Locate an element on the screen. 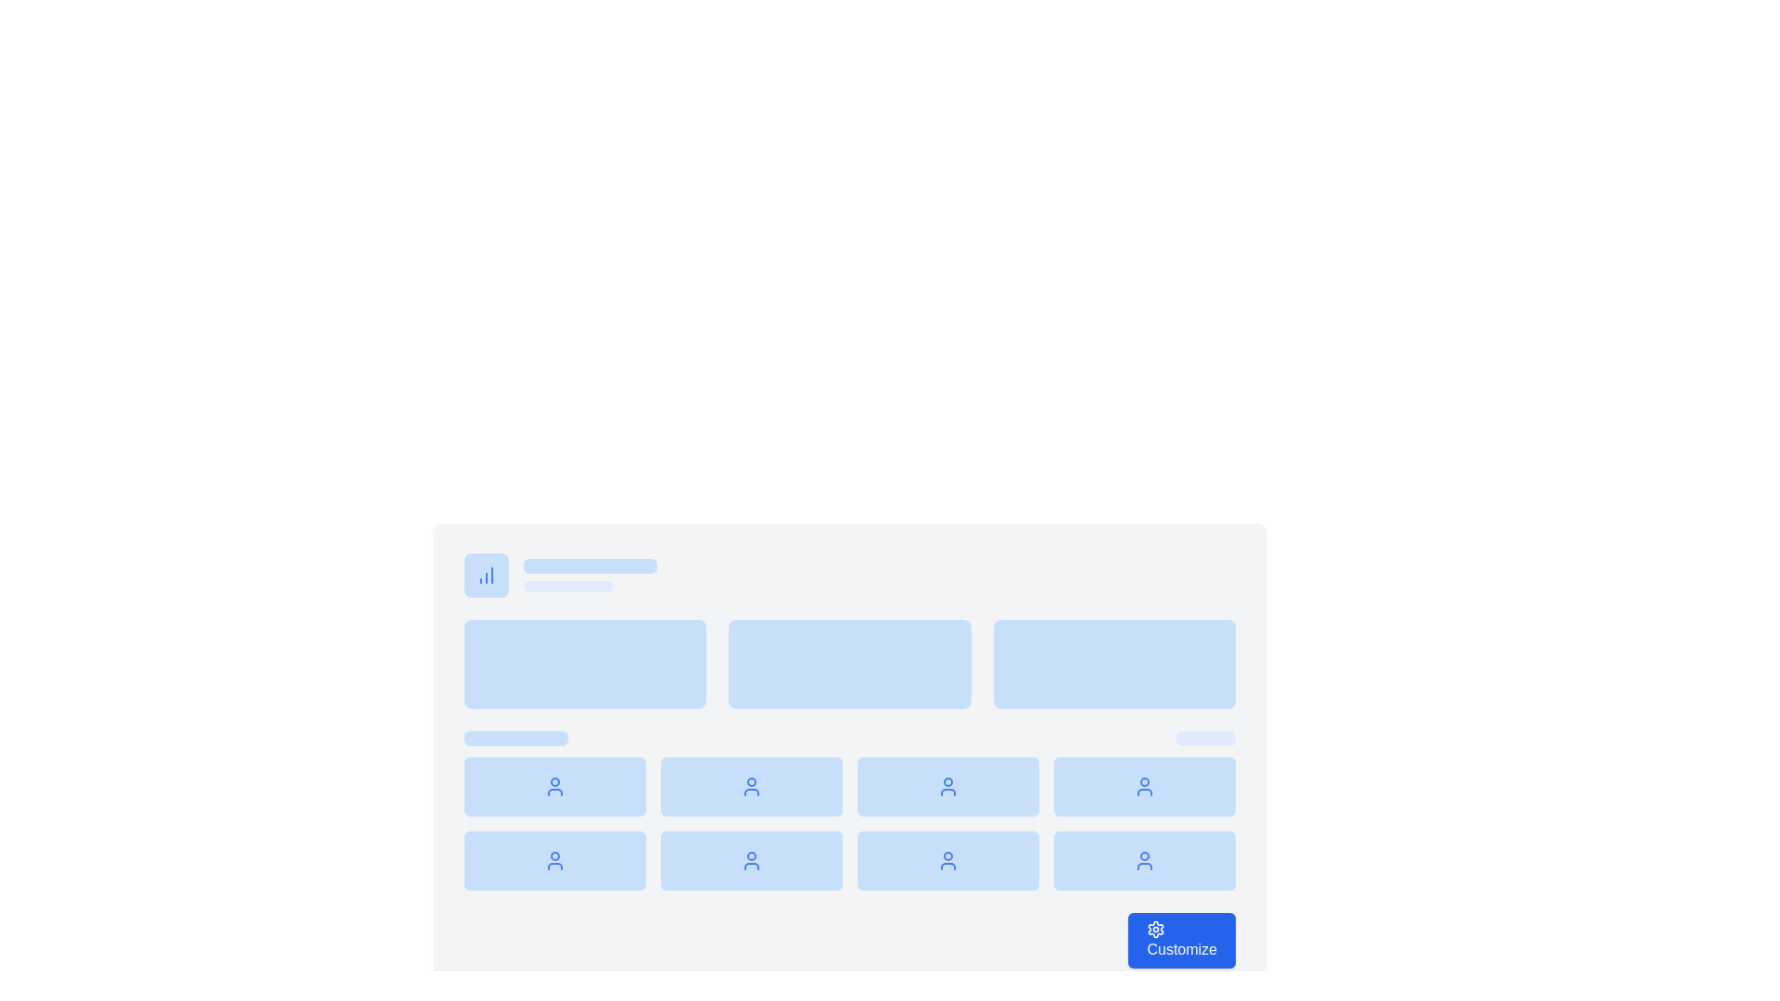  the user profile card-like UI element located in the bottom-right of a 4x4 grid layout, specifically the last element in the second row is located at coordinates (1143, 861).